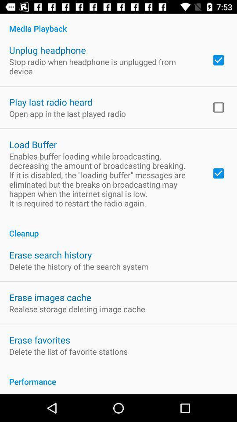  I want to click on item above stop radio when item, so click(47, 50).